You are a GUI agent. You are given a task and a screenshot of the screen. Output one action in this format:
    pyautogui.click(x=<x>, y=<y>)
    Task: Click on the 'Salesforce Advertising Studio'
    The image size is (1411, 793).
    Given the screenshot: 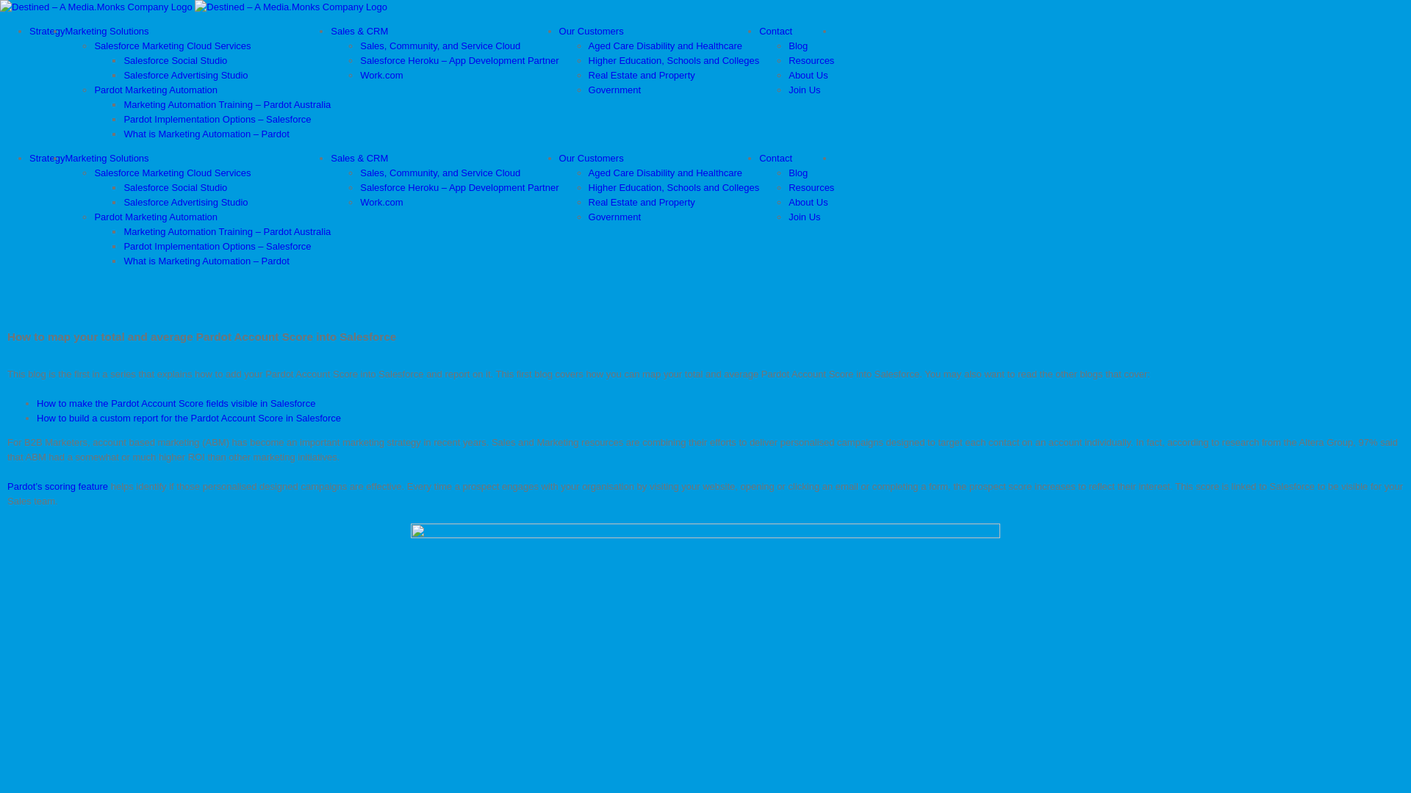 What is the action you would take?
    pyautogui.click(x=123, y=75)
    